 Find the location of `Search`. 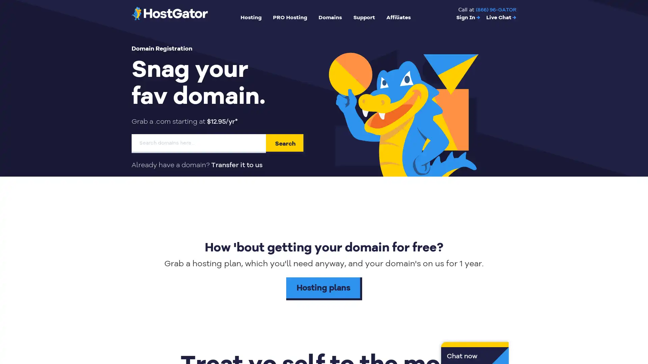

Search is located at coordinates (285, 143).